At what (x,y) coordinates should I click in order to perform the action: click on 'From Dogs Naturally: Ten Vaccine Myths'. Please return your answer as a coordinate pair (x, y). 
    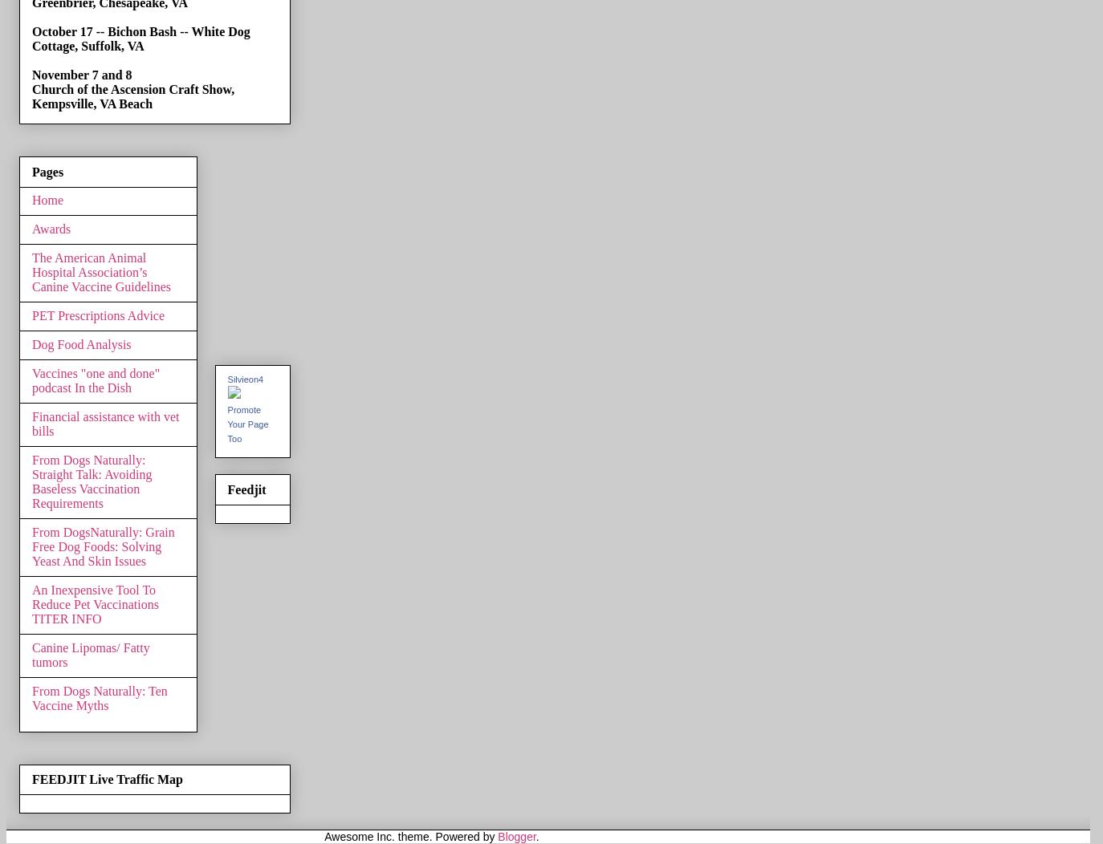
    Looking at the image, I should click on (31, 696).